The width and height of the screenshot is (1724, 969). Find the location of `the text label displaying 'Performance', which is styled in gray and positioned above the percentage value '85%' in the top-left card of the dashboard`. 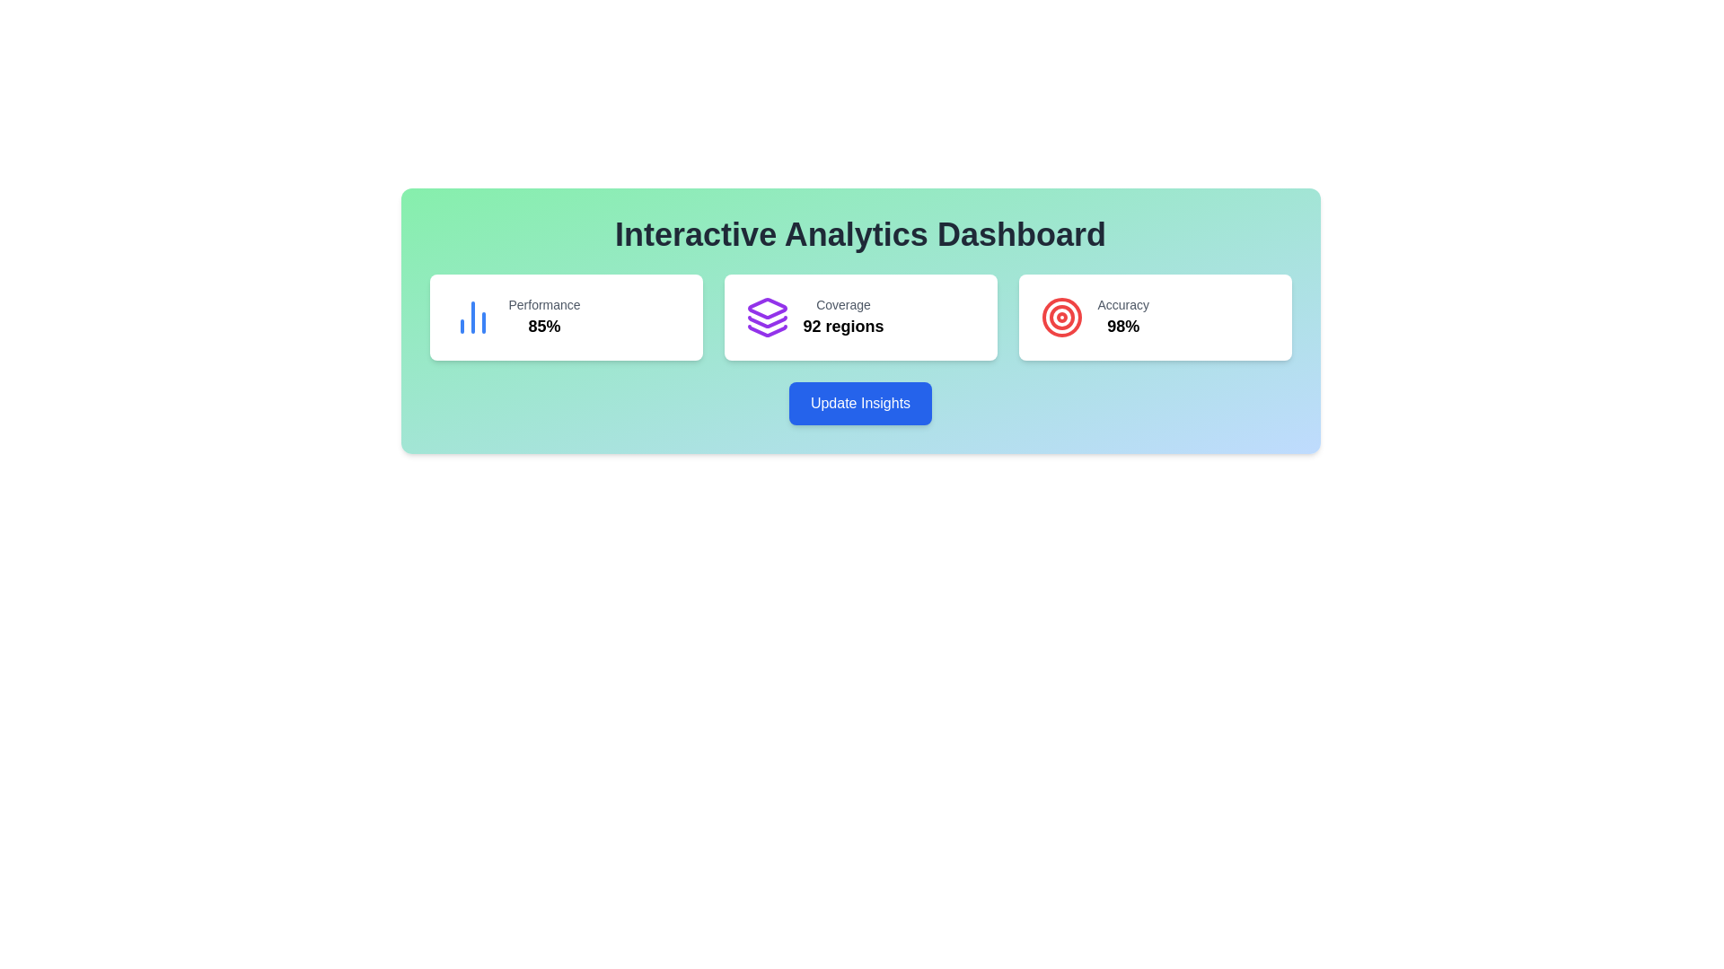

the text label displaying 'Performance', which is styled in gray and positioned above the percentage value '85%' in the top-left card of the dashboard is located at coordinates (543, 303).